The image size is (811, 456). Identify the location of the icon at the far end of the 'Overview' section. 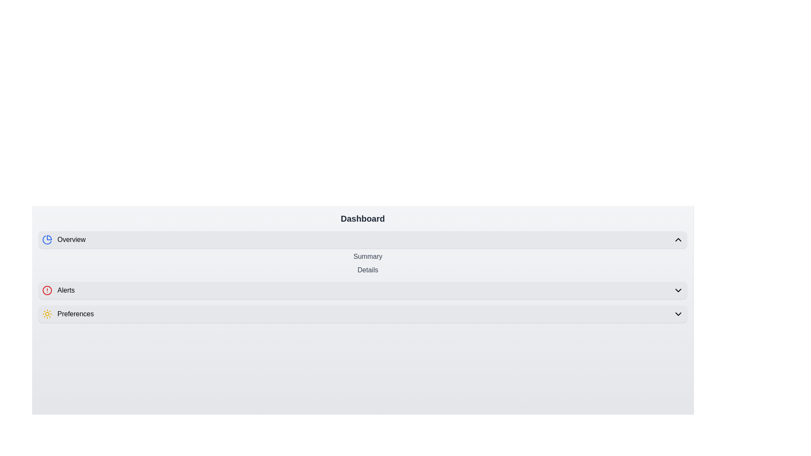
(678, 239).